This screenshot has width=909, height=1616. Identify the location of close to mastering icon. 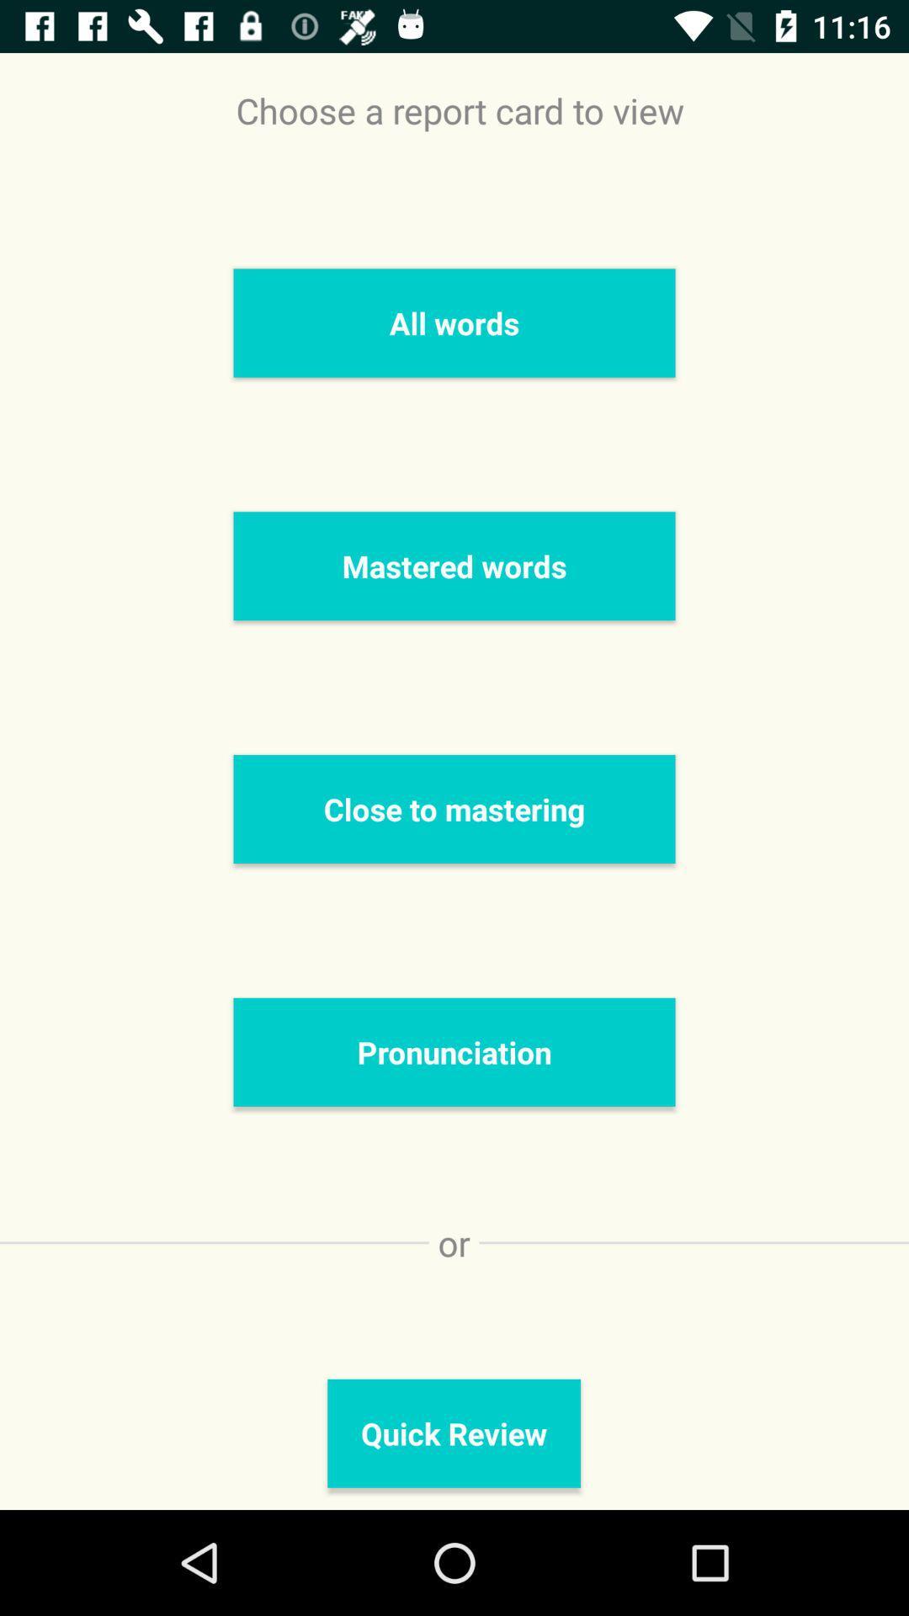
(454, 809).